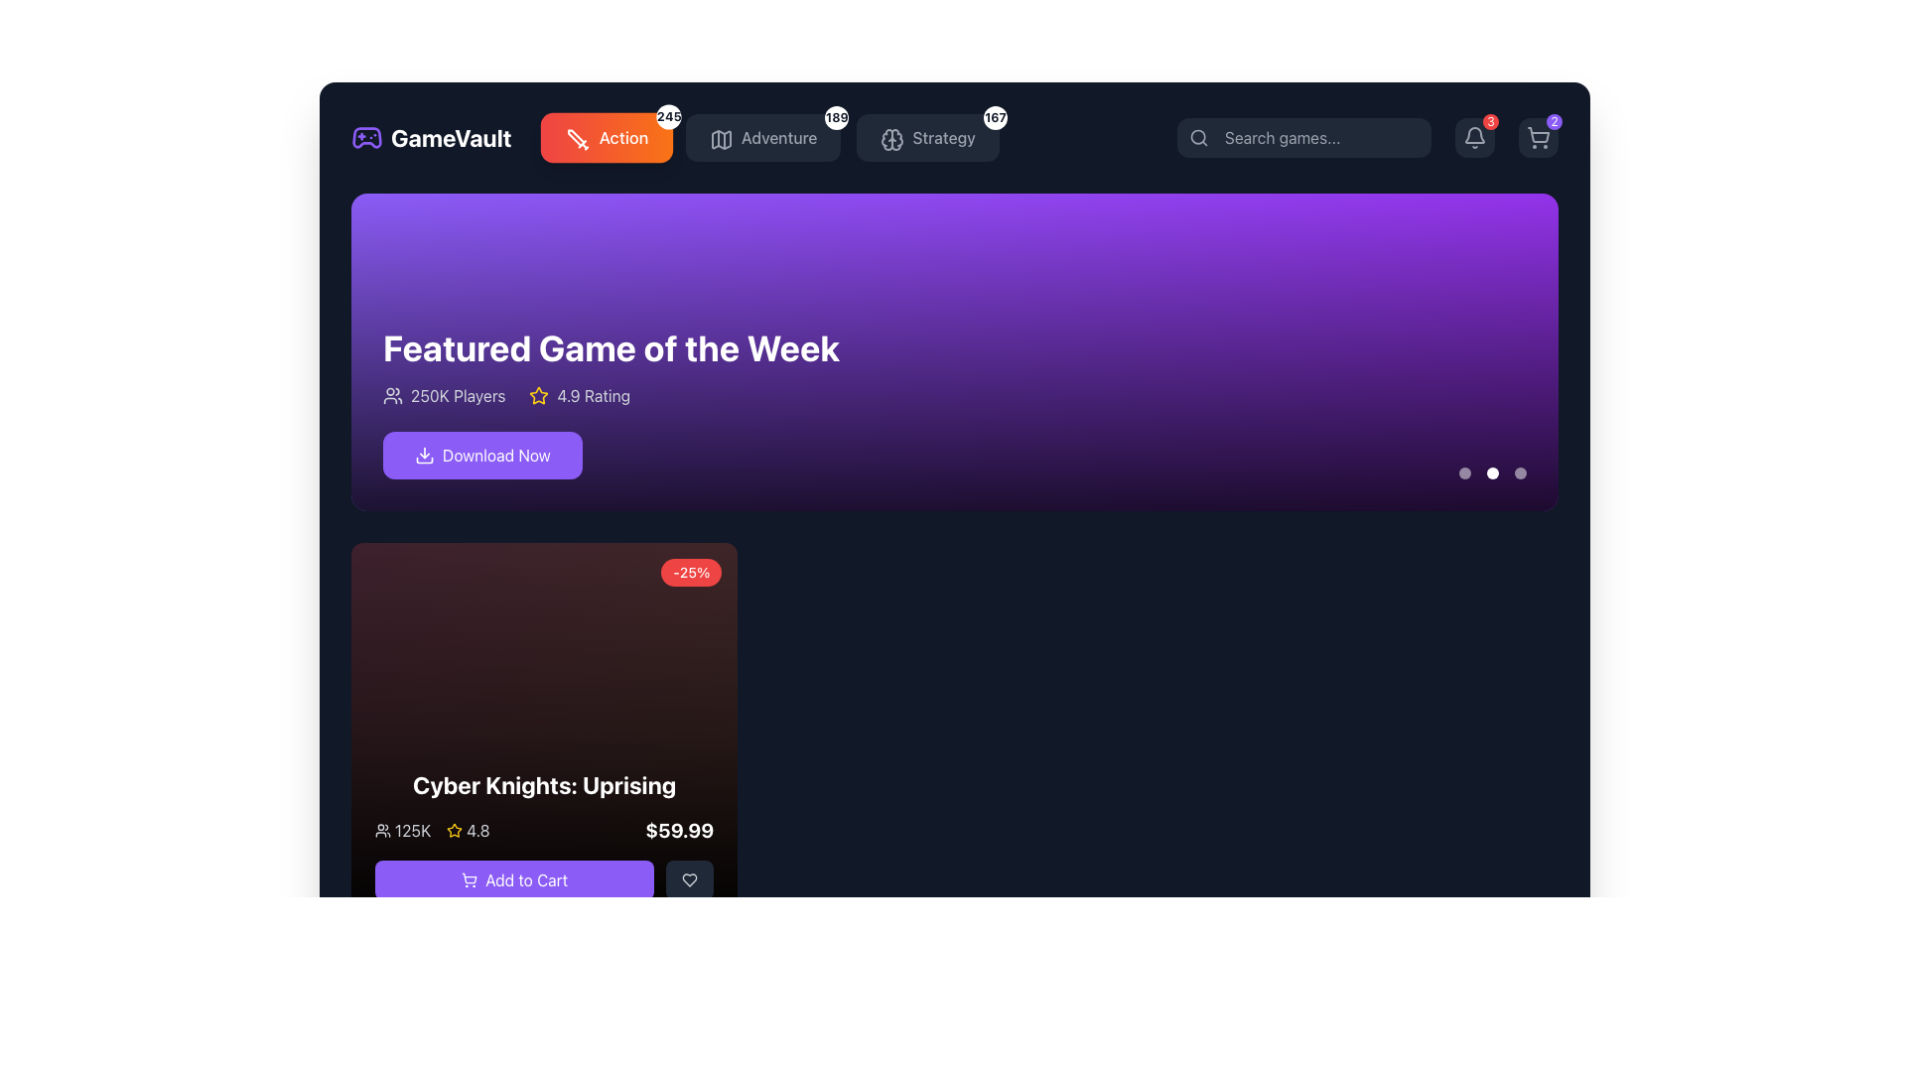  I want to click on the text label displaying '250K Players' in light gray color, positioned between the user icon and the '4.9 Rating' display under the title 'Featured Game of the Week', so click(457, 395).